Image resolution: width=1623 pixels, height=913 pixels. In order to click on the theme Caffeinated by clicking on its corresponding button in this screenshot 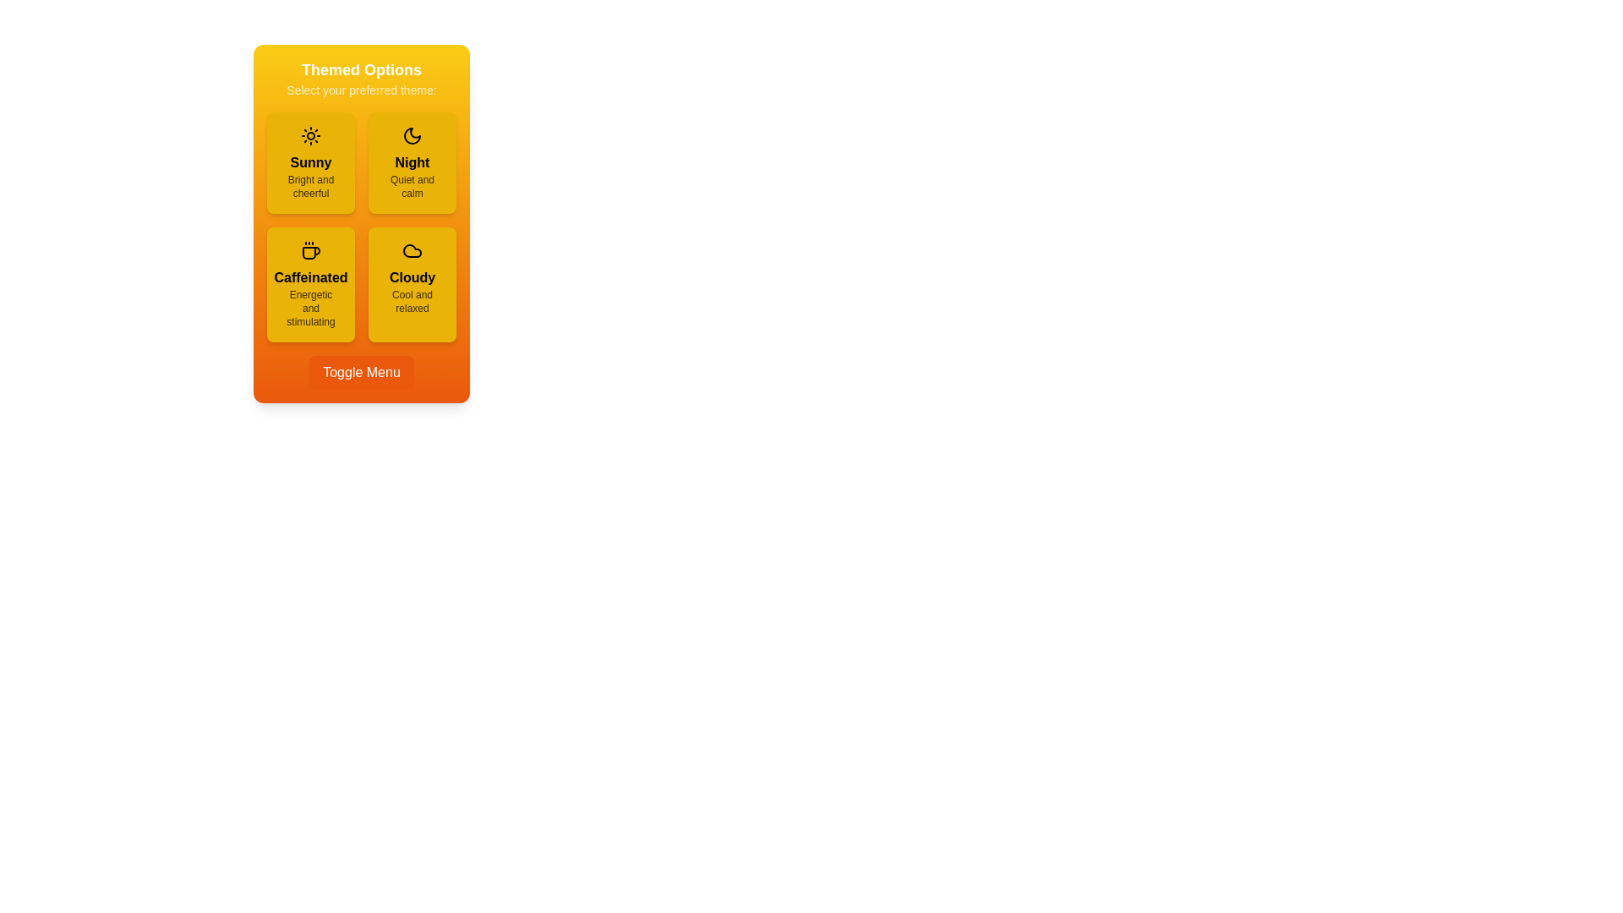, I will do `click(311, 283)`.